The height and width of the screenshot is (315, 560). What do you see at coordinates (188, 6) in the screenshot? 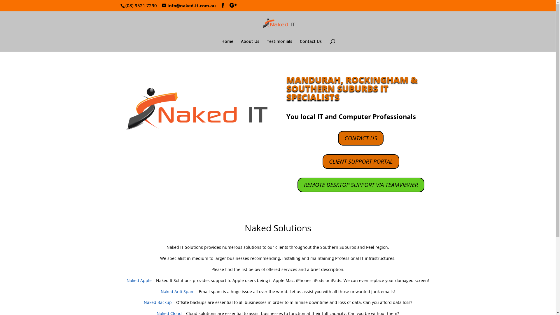
I see `'info@naked-it.com.au'` at bounding box center [188, 6].